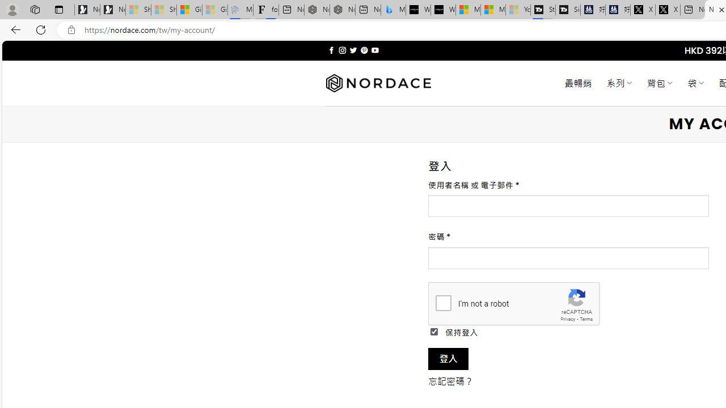  What do you see at coordinates (468, 10) in the screenshot?
I see `'Microsoft Start Sports'` at bounding box center [468, 10].